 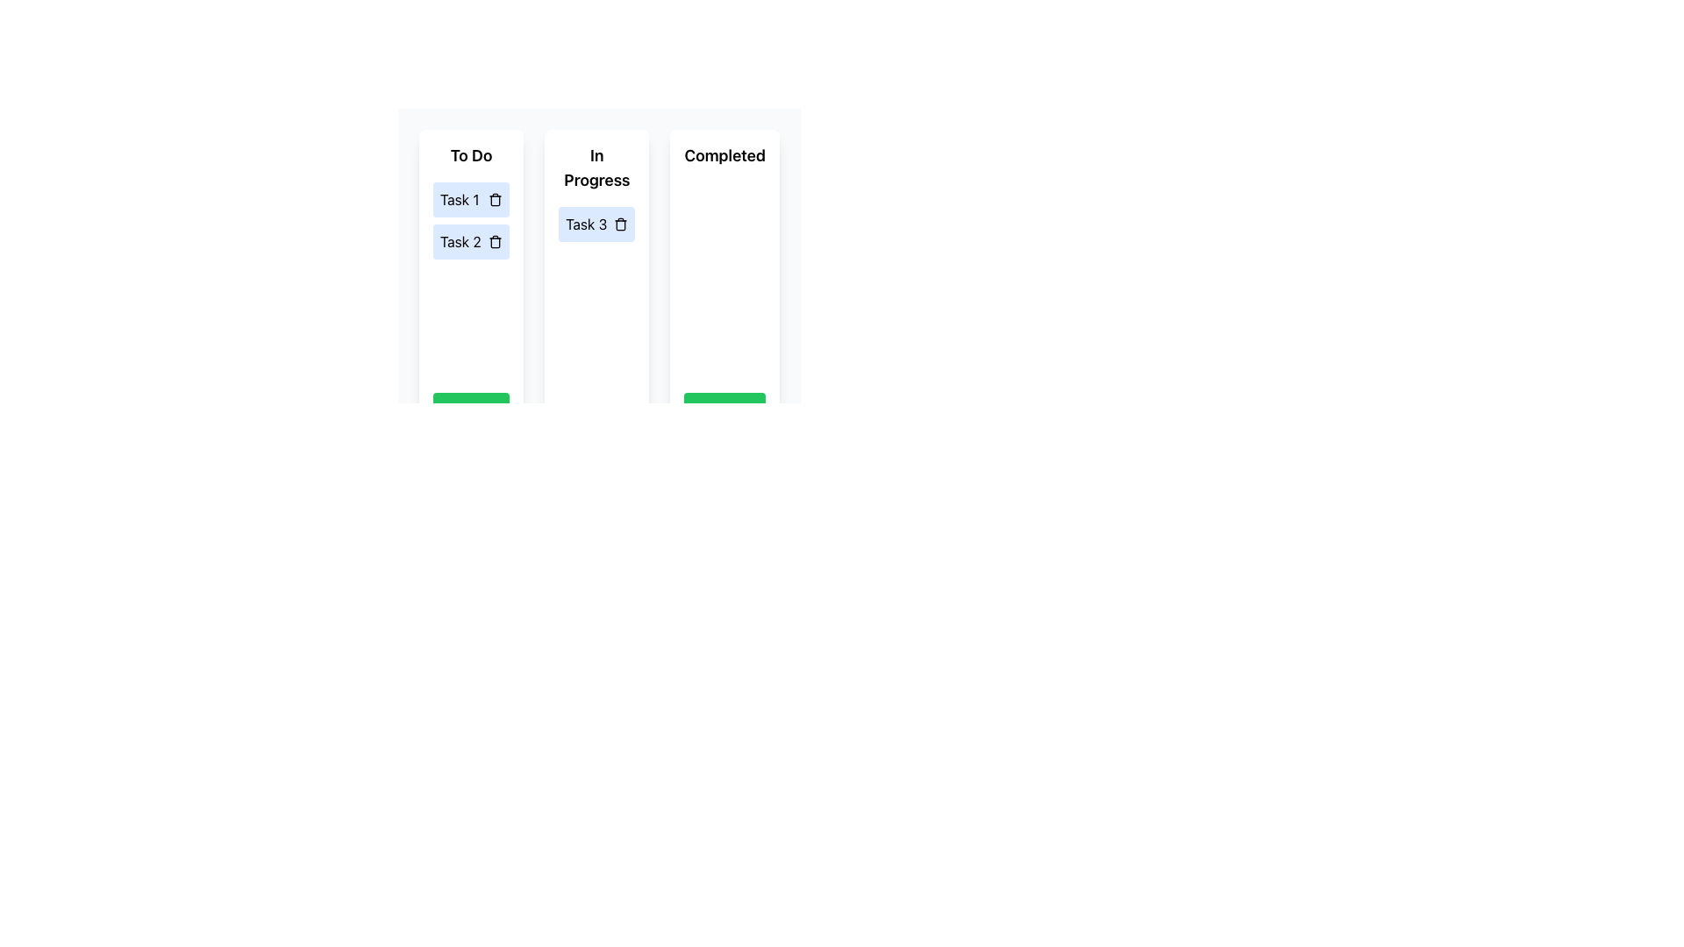 I want to click on the Task 3 card from the 'In Progress' column, so click(x=599, y=246).